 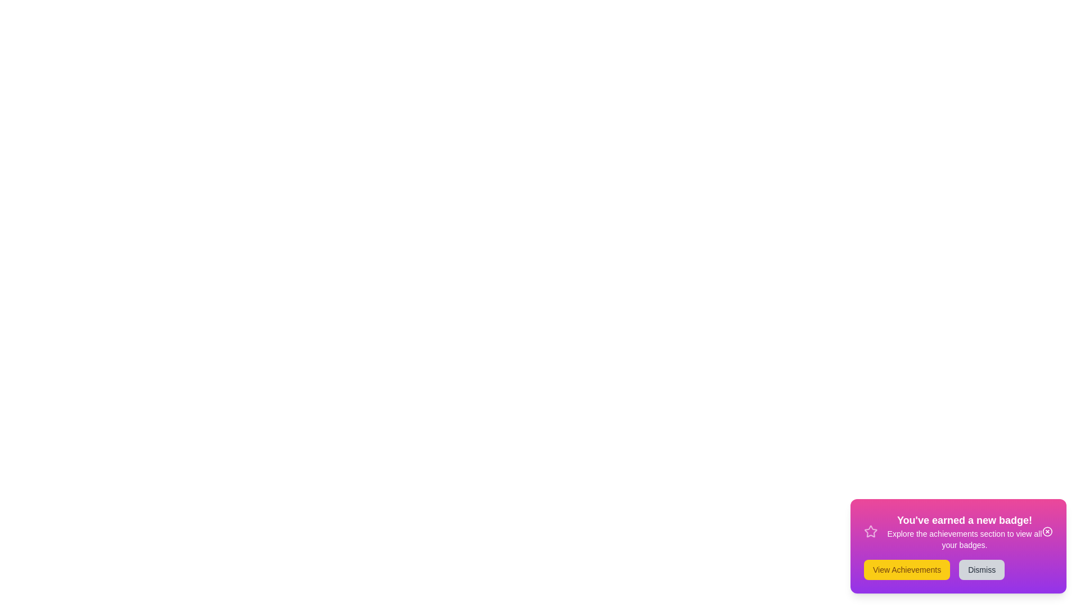 I want to click on the 'Dismiss' button to close the FancySnackbar, so click(x=981, y=570).